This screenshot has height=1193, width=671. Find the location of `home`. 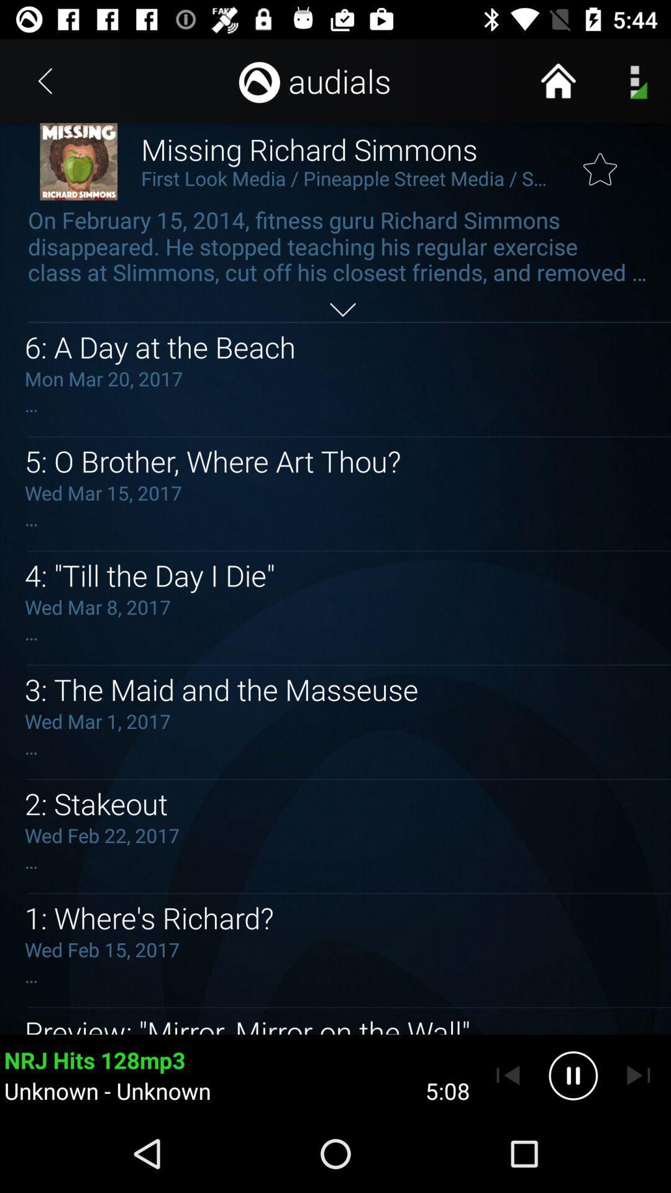

home is located at coordinates (557, 80).